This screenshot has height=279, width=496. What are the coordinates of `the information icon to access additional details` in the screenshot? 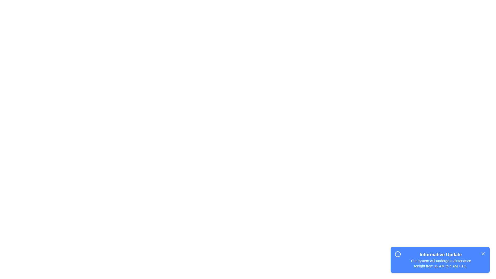 It's located at (398, 254).